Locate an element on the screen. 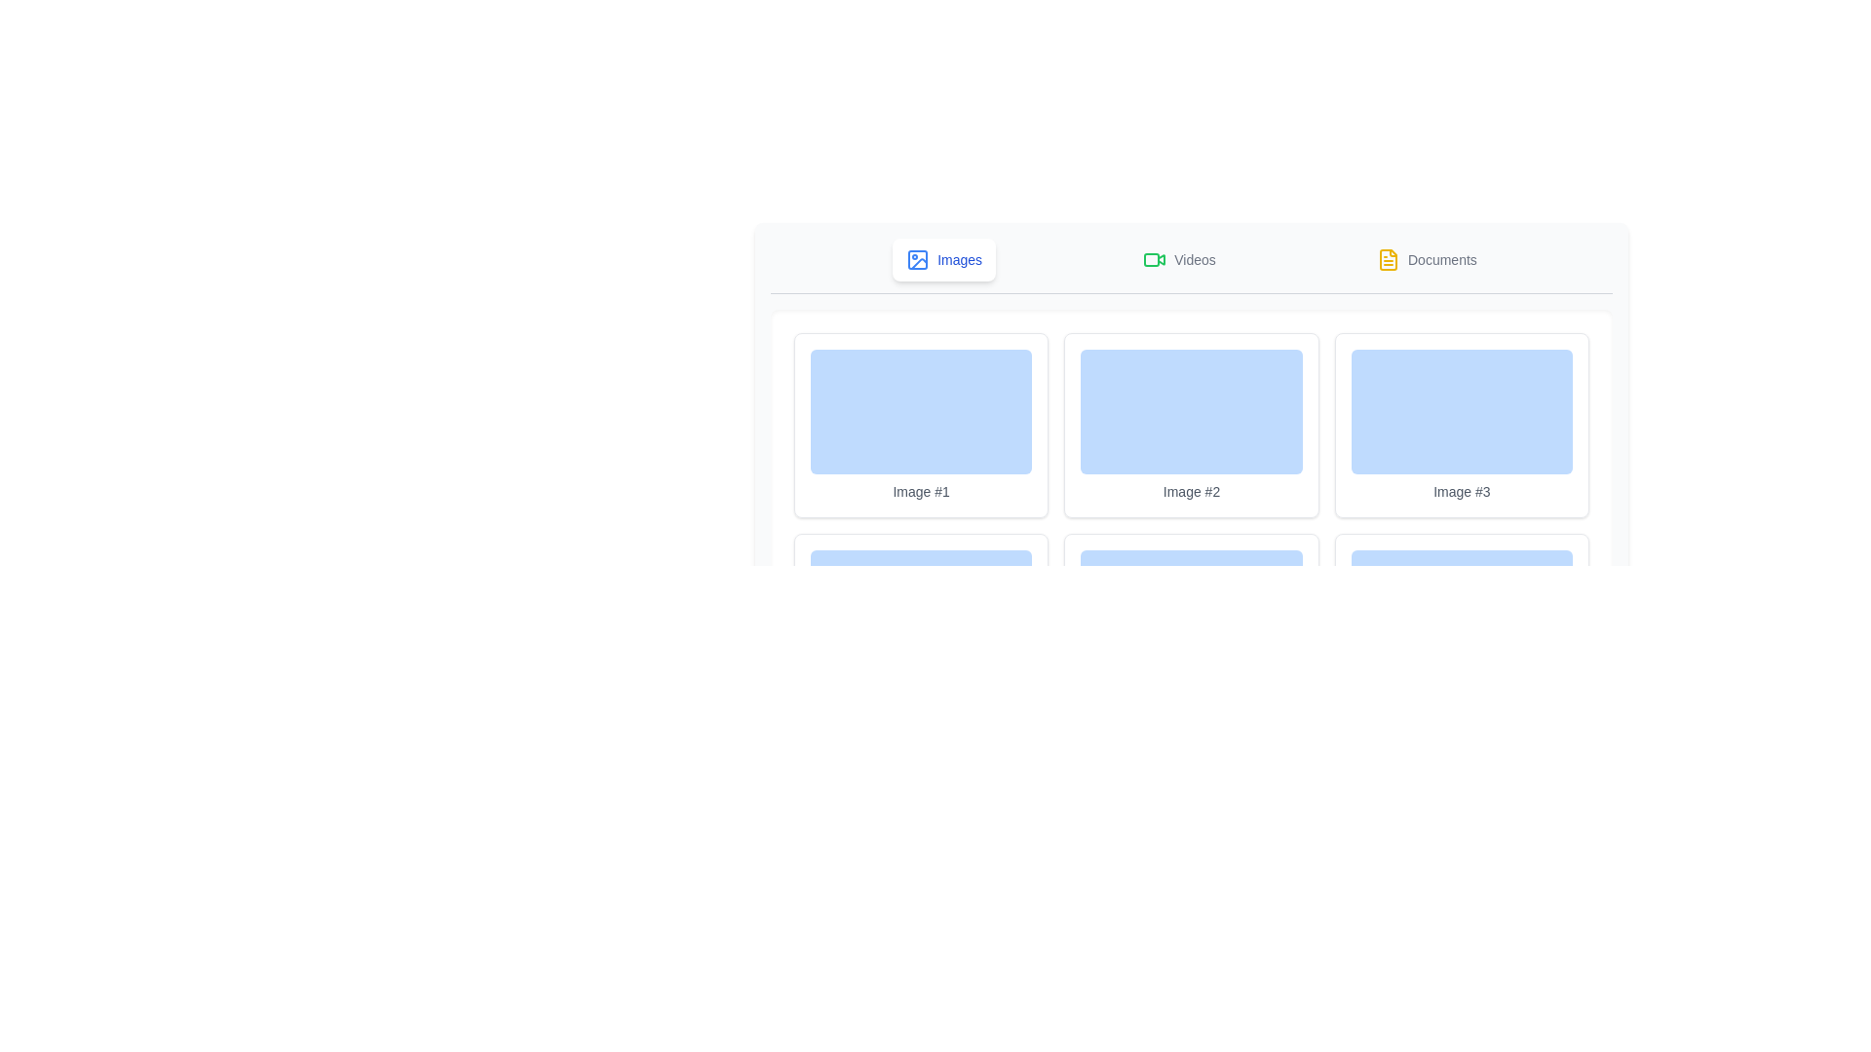  the static text label displaying 'Image #2', which is styled in small gray font and positioned below a blue image placeholder in the card layout is located at coordinates (1191, 491).